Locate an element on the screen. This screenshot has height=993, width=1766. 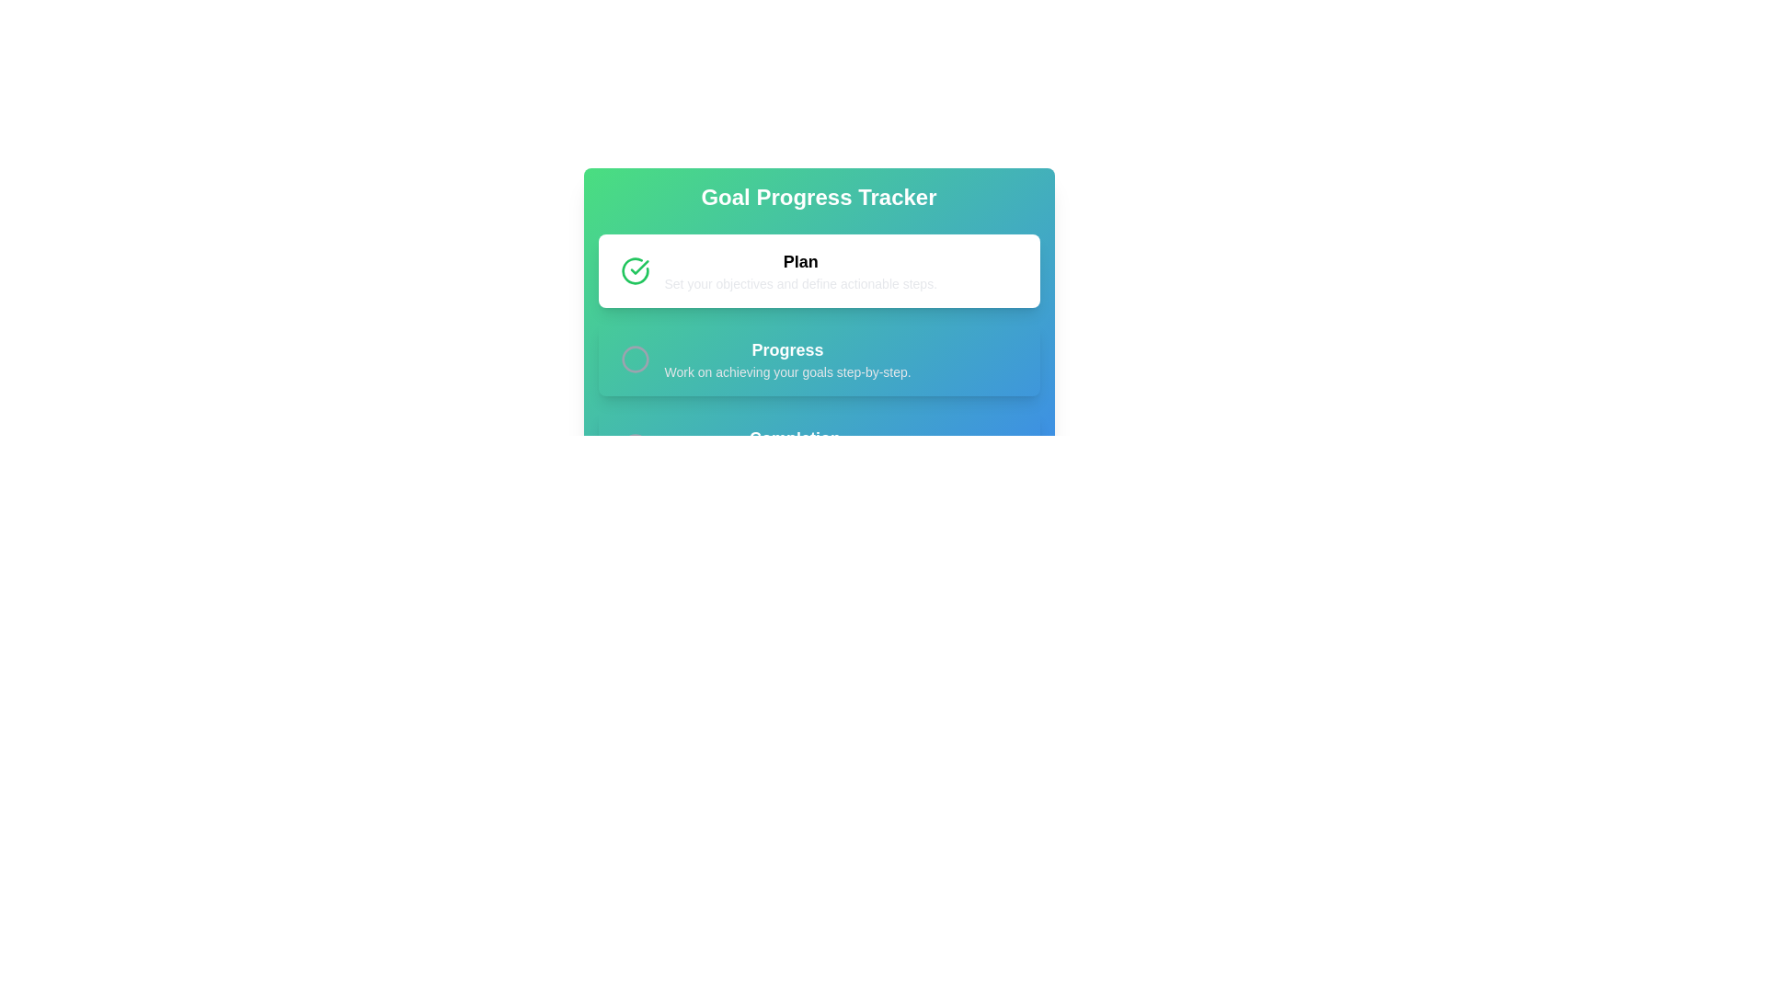
information in the informational card titled 'Progress', which contains the description 'Work on achieving your goals step-by-step.' is located at coordinates (818, 362).